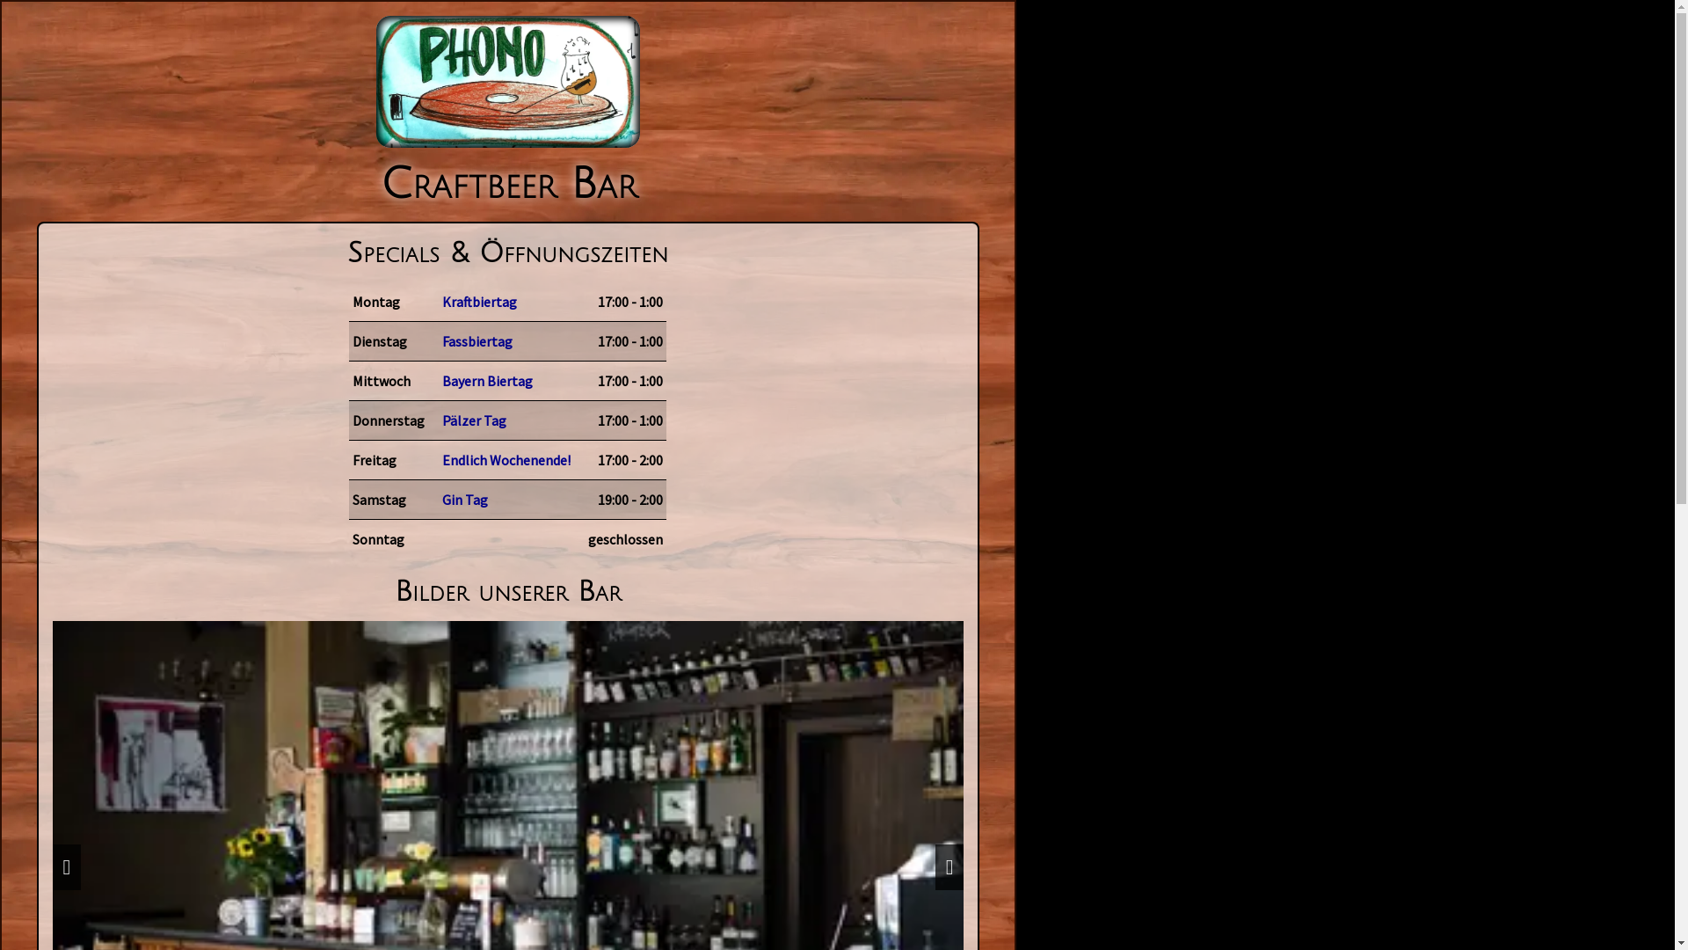 The width and height of the screenshot is (1688, 950). I want to click on 'Fassbiertag', so click(427, 341).